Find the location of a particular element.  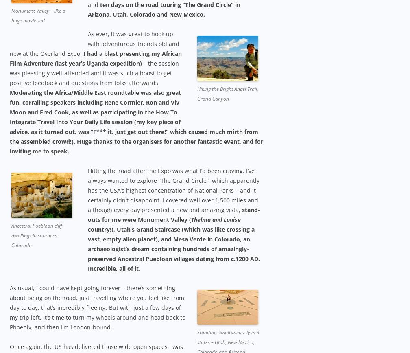

'ten days on the road touring “The Grand Circle” in Arizona, Utah, Colorado and New Mexico.' is located at coordinates (88, 9).